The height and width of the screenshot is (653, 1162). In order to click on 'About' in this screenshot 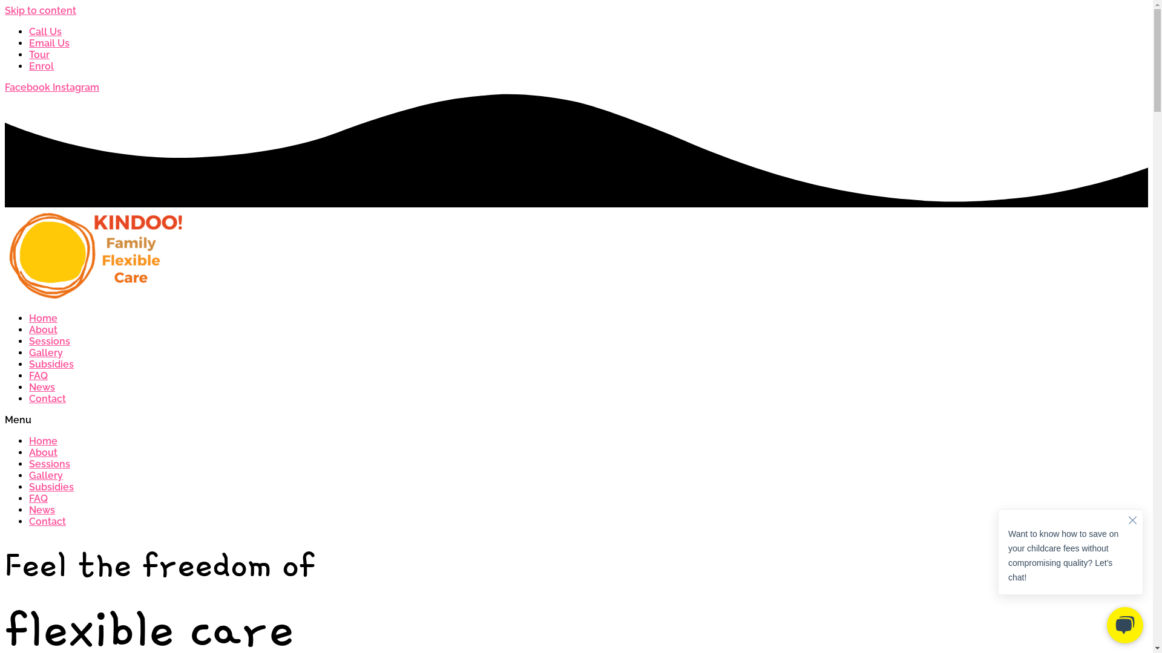, I will do `click(43, 452)`.